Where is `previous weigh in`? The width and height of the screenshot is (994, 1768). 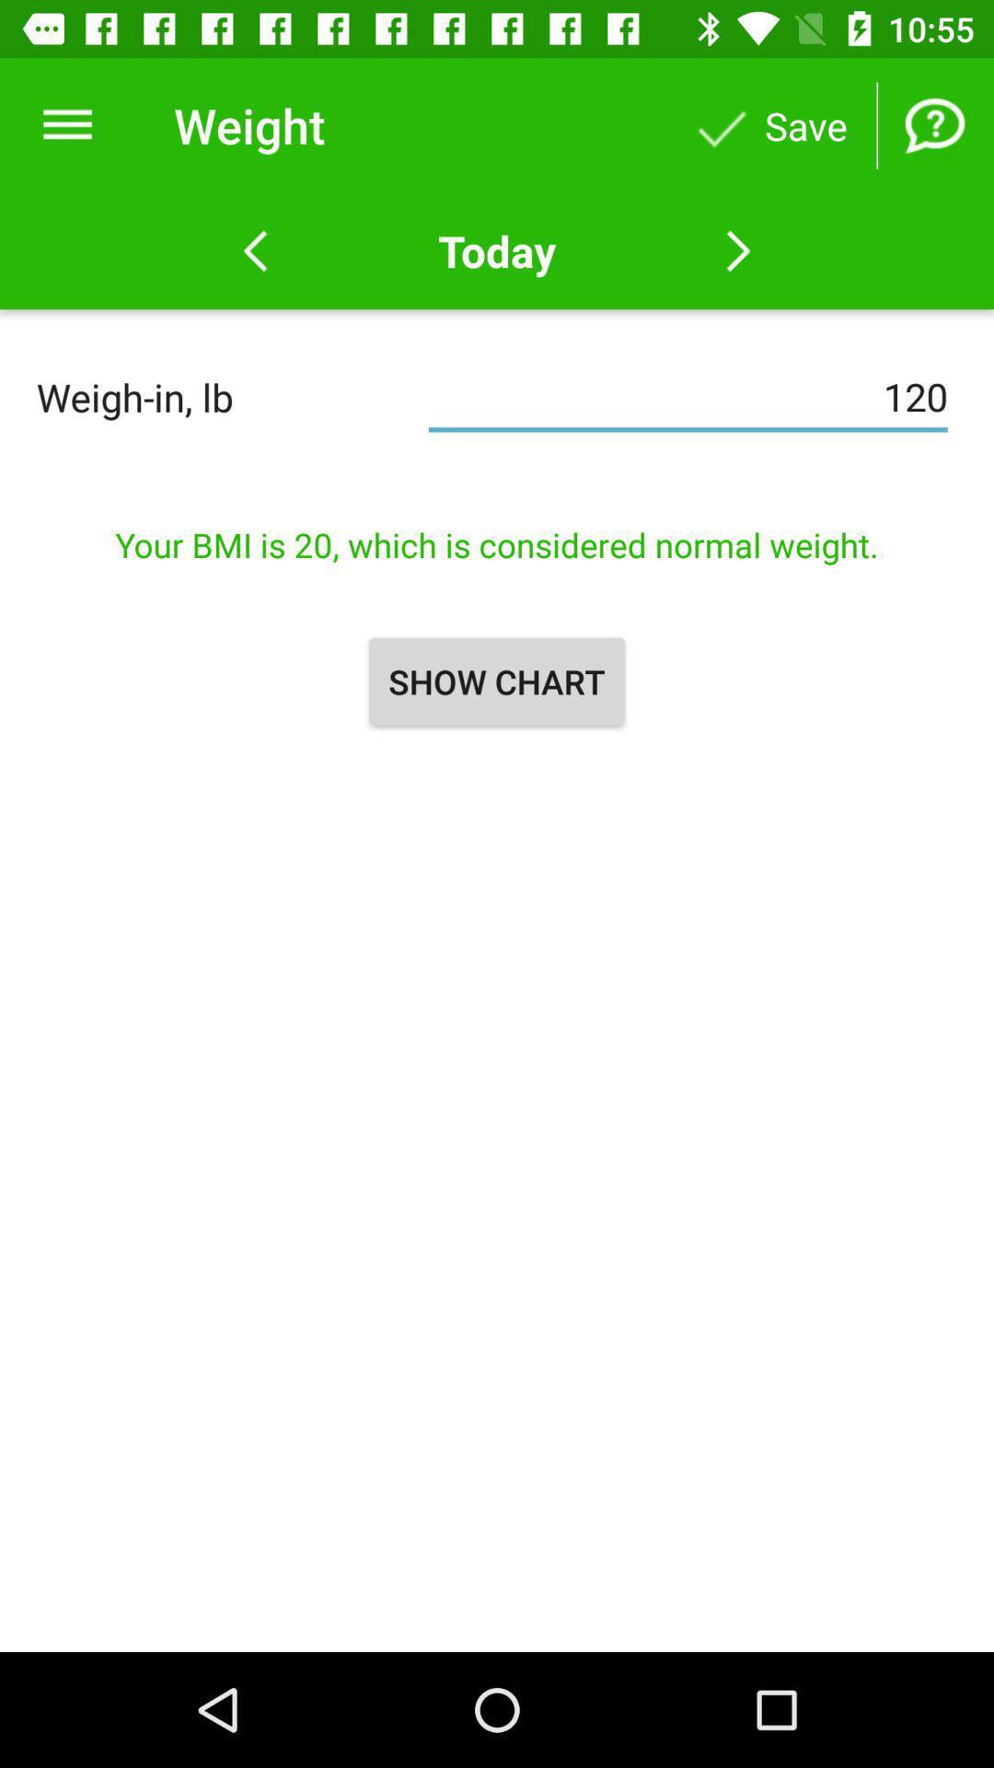
previous weigh in is located at coordinates (255, 250).